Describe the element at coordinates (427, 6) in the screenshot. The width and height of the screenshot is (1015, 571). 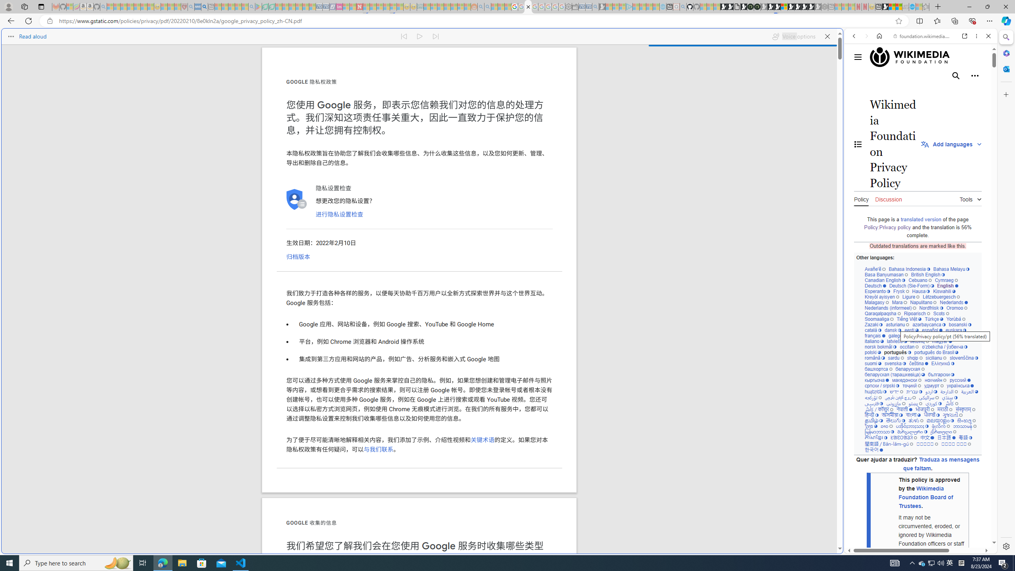
I see `'MSNBC - MSN - Sleeping'` at that location.